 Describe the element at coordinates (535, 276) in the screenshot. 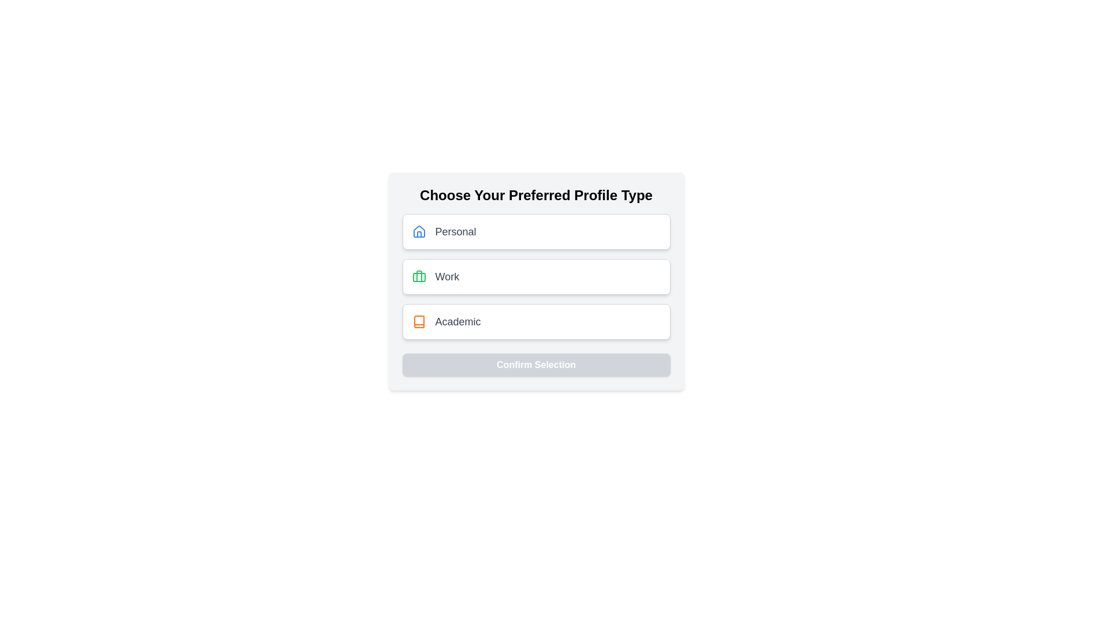

I see `the selectable option with the green briefcase icon and the text 'Work' for keyboard navigation` at that location.